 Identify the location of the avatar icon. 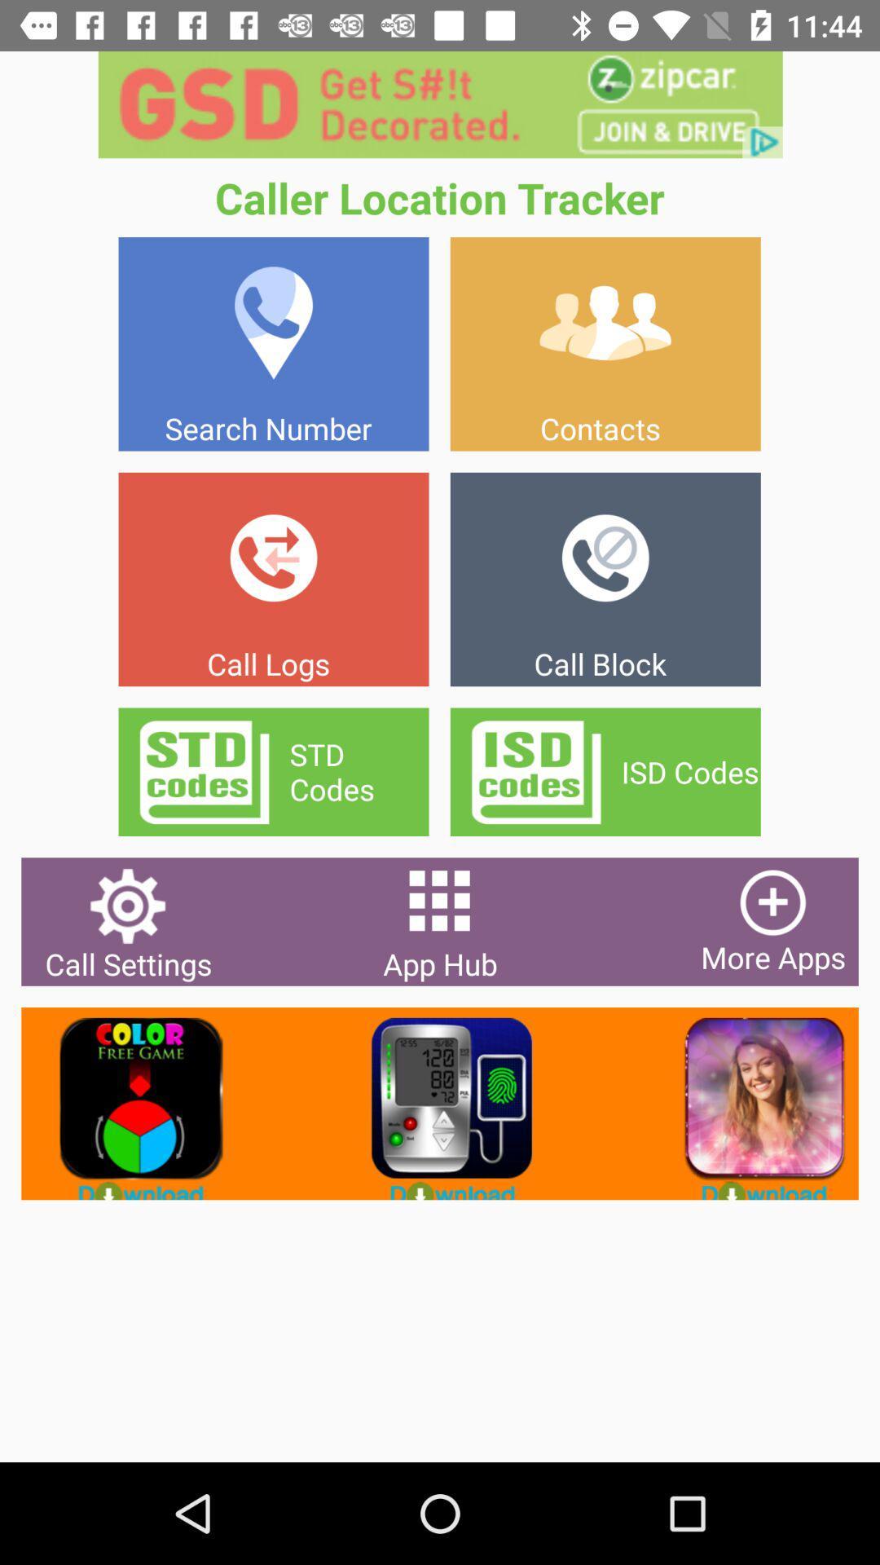
(751, 1104).